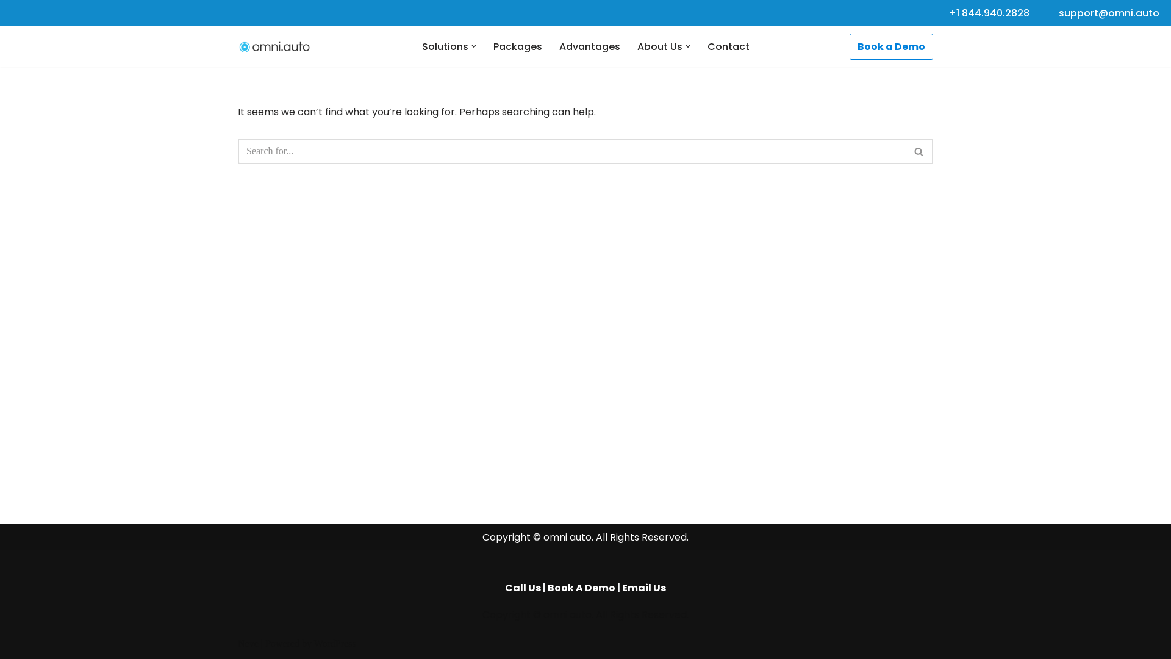  I want to click on 'Email Us', so click(621, 587).